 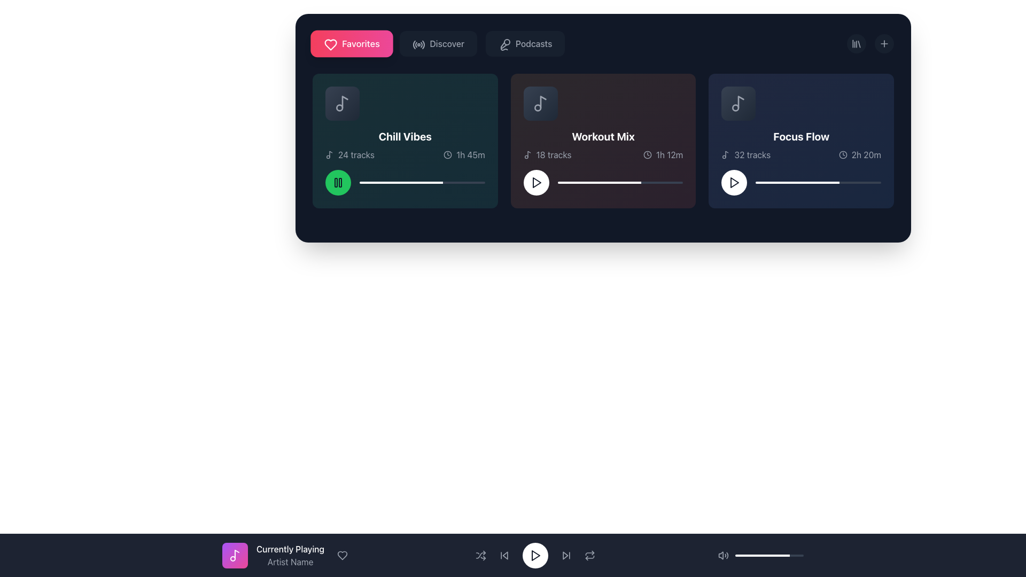 What do you see at coordinates (540, 103) in the screenshot?
I see `the graphical icon representing the 'Workout Mix' playlist, located in the second position from the left under the section titled 'Workout Mix'` at bounding box center [540, 103].